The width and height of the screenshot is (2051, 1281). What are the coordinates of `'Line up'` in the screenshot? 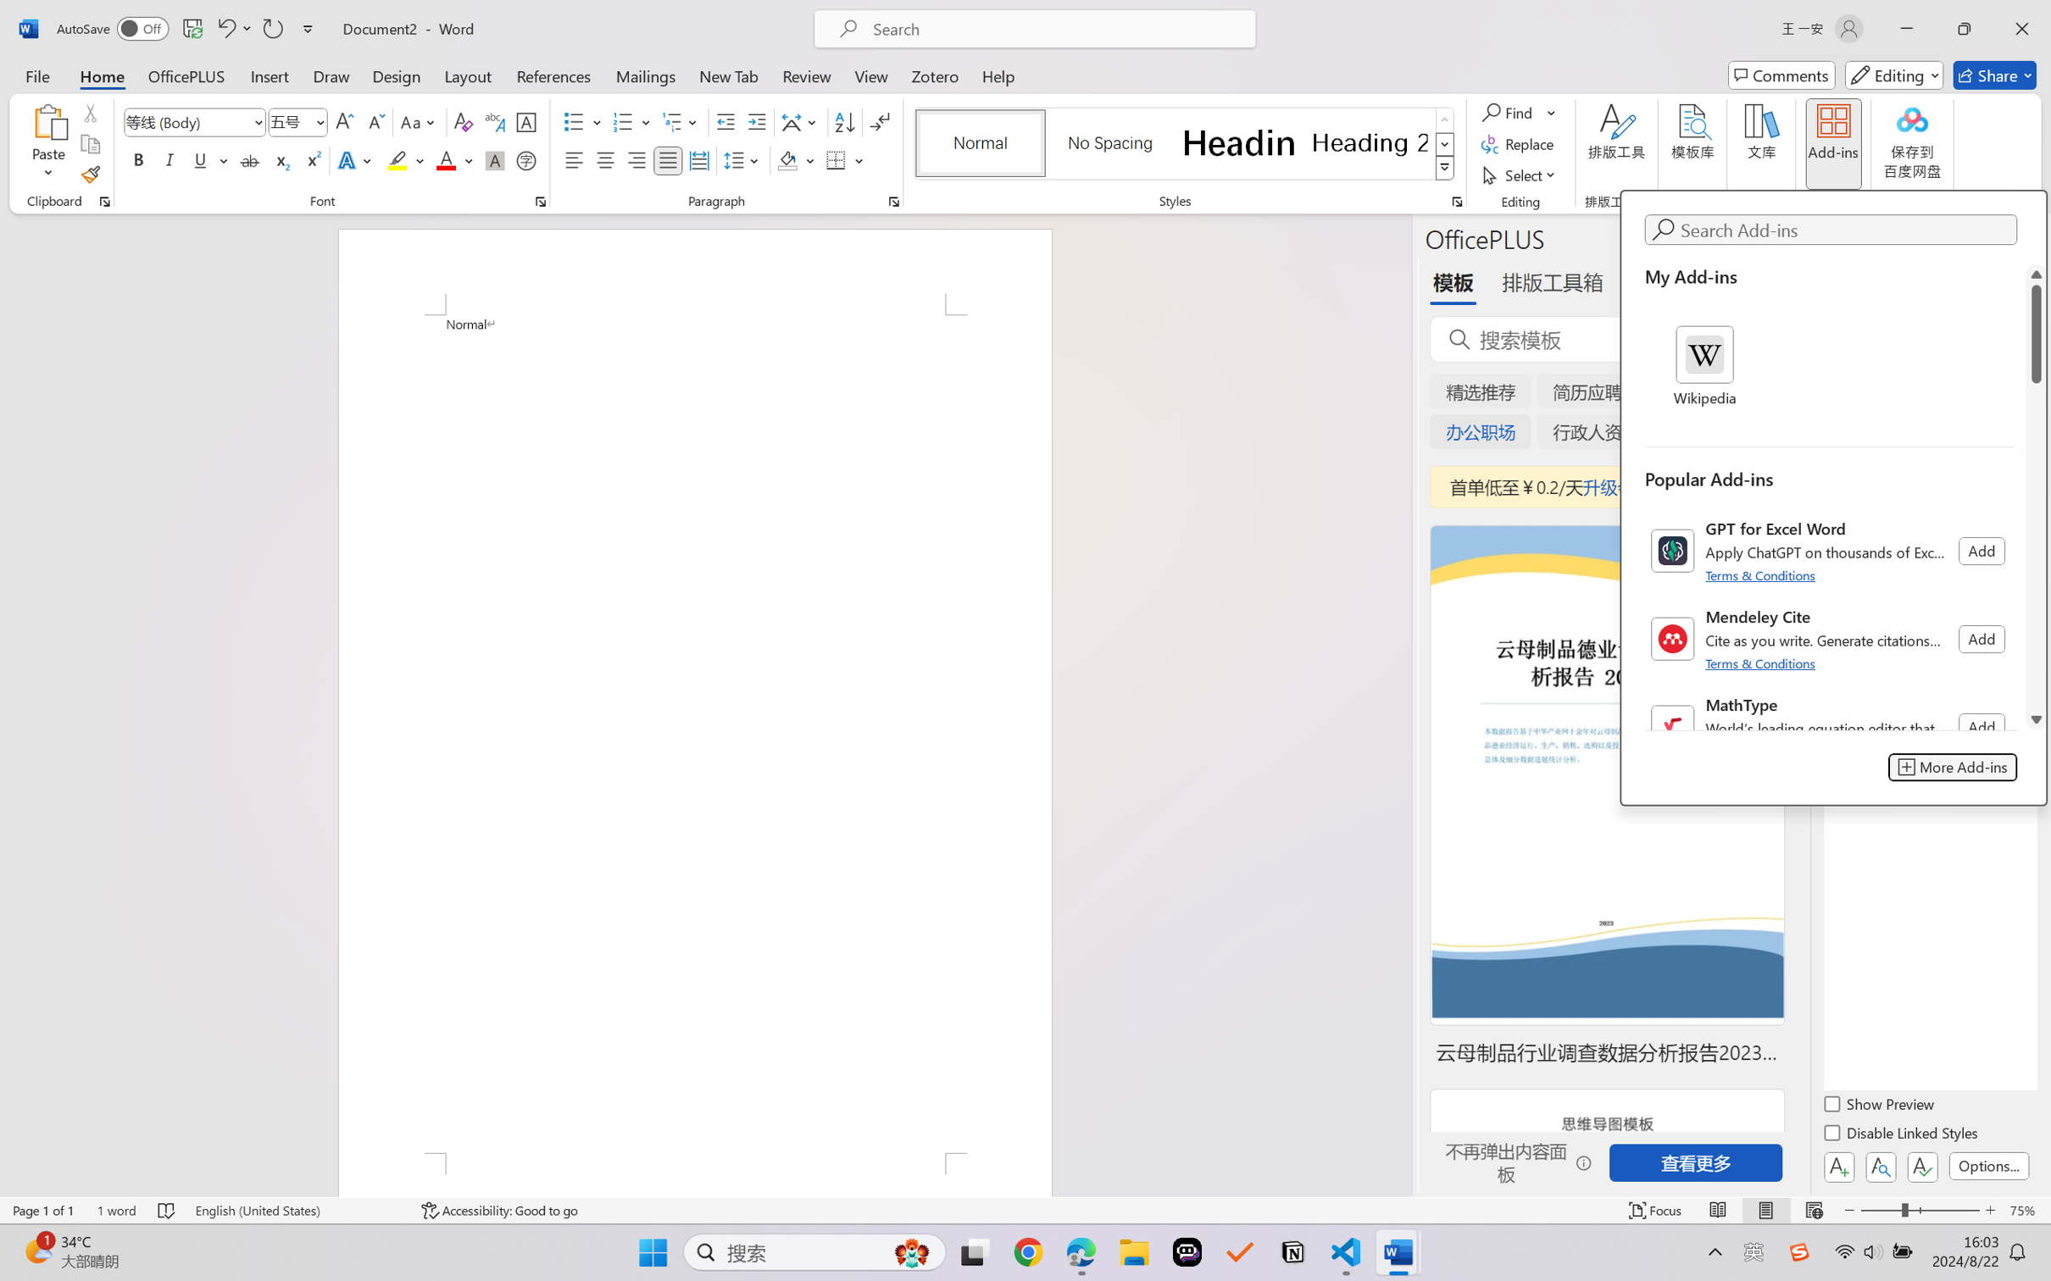 It's located at (2037, 273).